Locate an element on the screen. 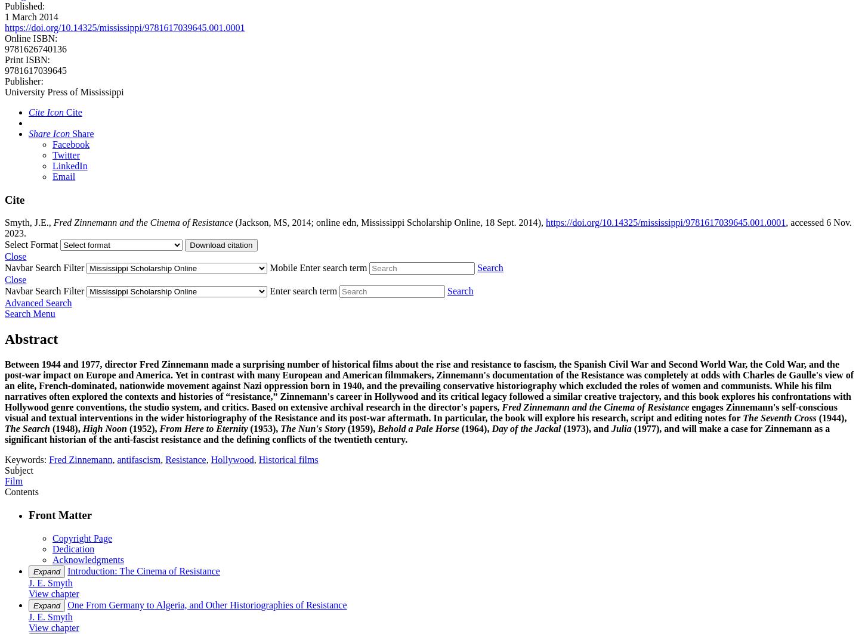 This screenshot has height=634, width=865. '(1944),' is located at coordinates (815, 418).